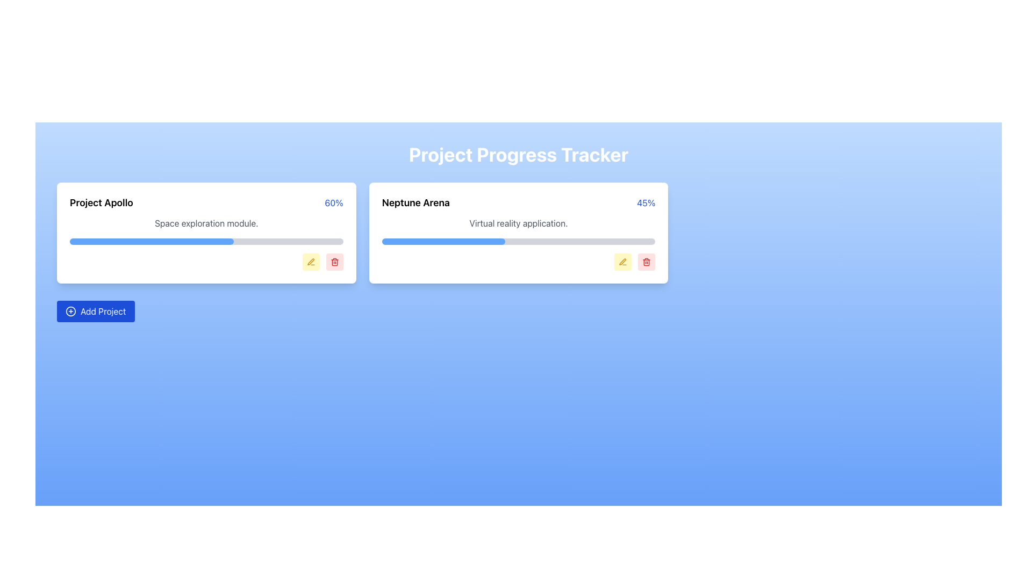  Describe the element at coordinates (70, 311) in the screenshot. I see `the circular 'Add Project' SVG icon with an outlined plus symbol in its center, located at the lower-left section of the interface` at that location.